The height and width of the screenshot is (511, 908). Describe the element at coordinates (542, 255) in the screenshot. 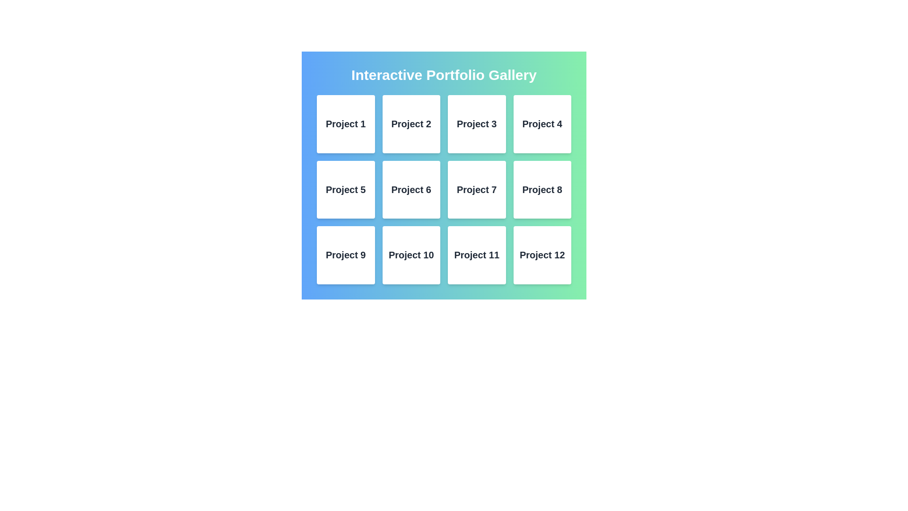

I see `the selectable item card for 'Project 12' located in the bottom-right corner of a 4x3 grid layout to interact with it` at that location.